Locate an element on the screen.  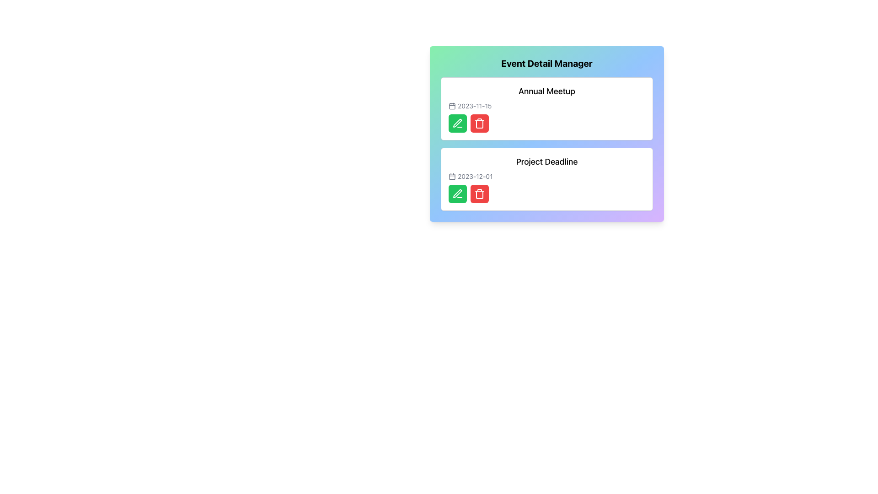
the pen icon within the green button is located at coordinates (458, 123).